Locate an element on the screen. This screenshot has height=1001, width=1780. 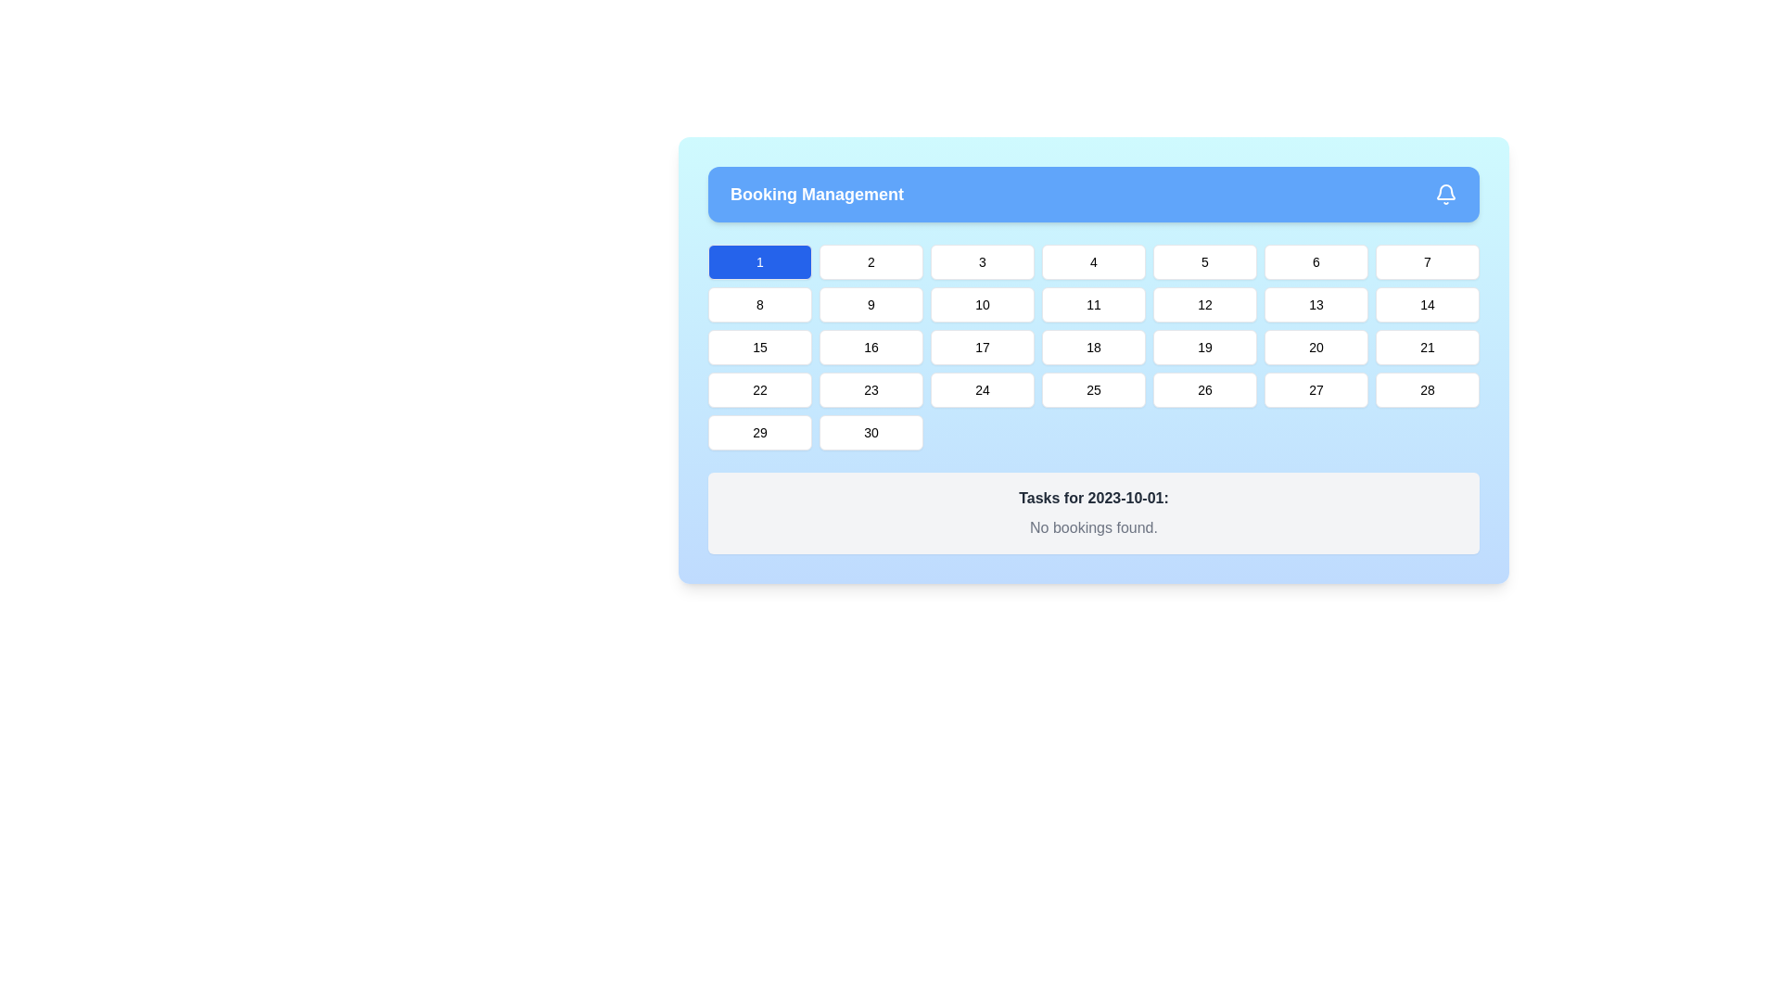
text displayed in the Information Panel which shows 'Tasks for 2023-10-01: No bookings found.' is located at coordinates (1094, 513).